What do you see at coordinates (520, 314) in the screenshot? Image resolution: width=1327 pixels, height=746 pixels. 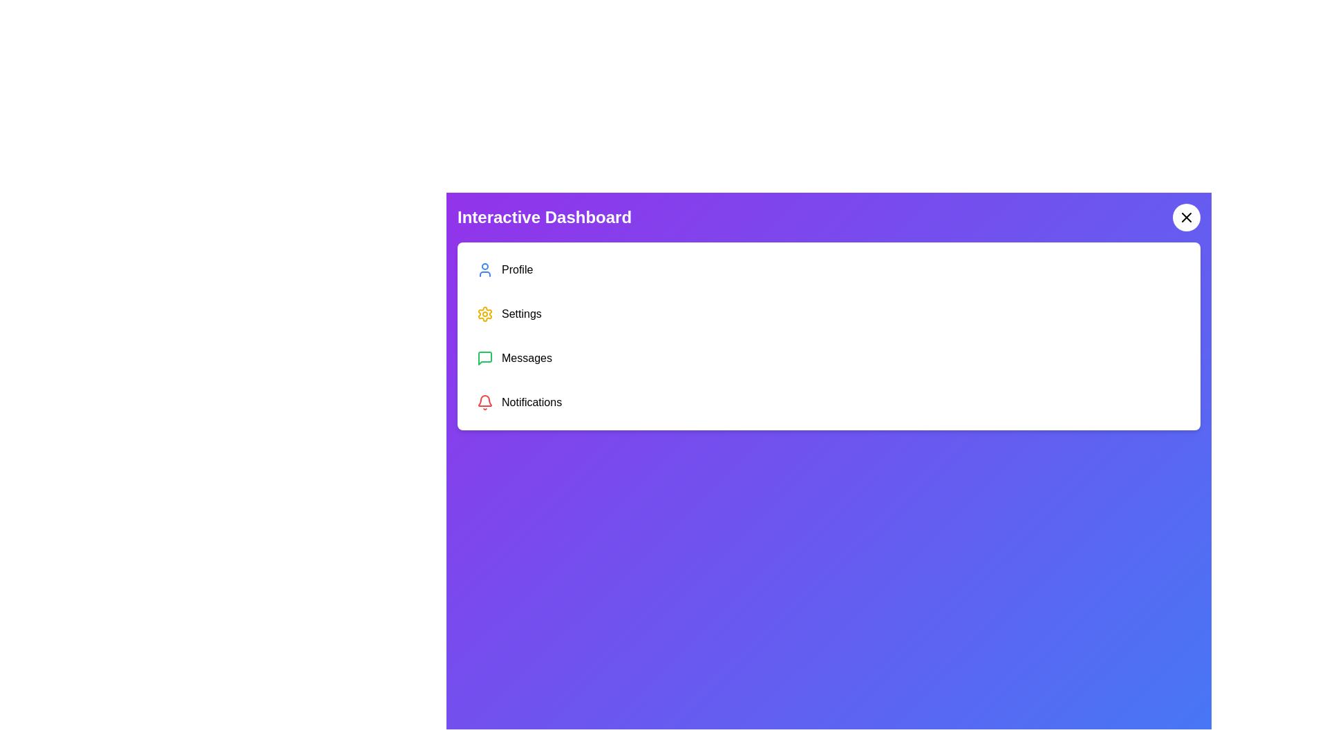 I see `the text label that describes the adjacent yellow gear icon, which is the second entry from the top in the settings options` at bounding box center [520, 314].